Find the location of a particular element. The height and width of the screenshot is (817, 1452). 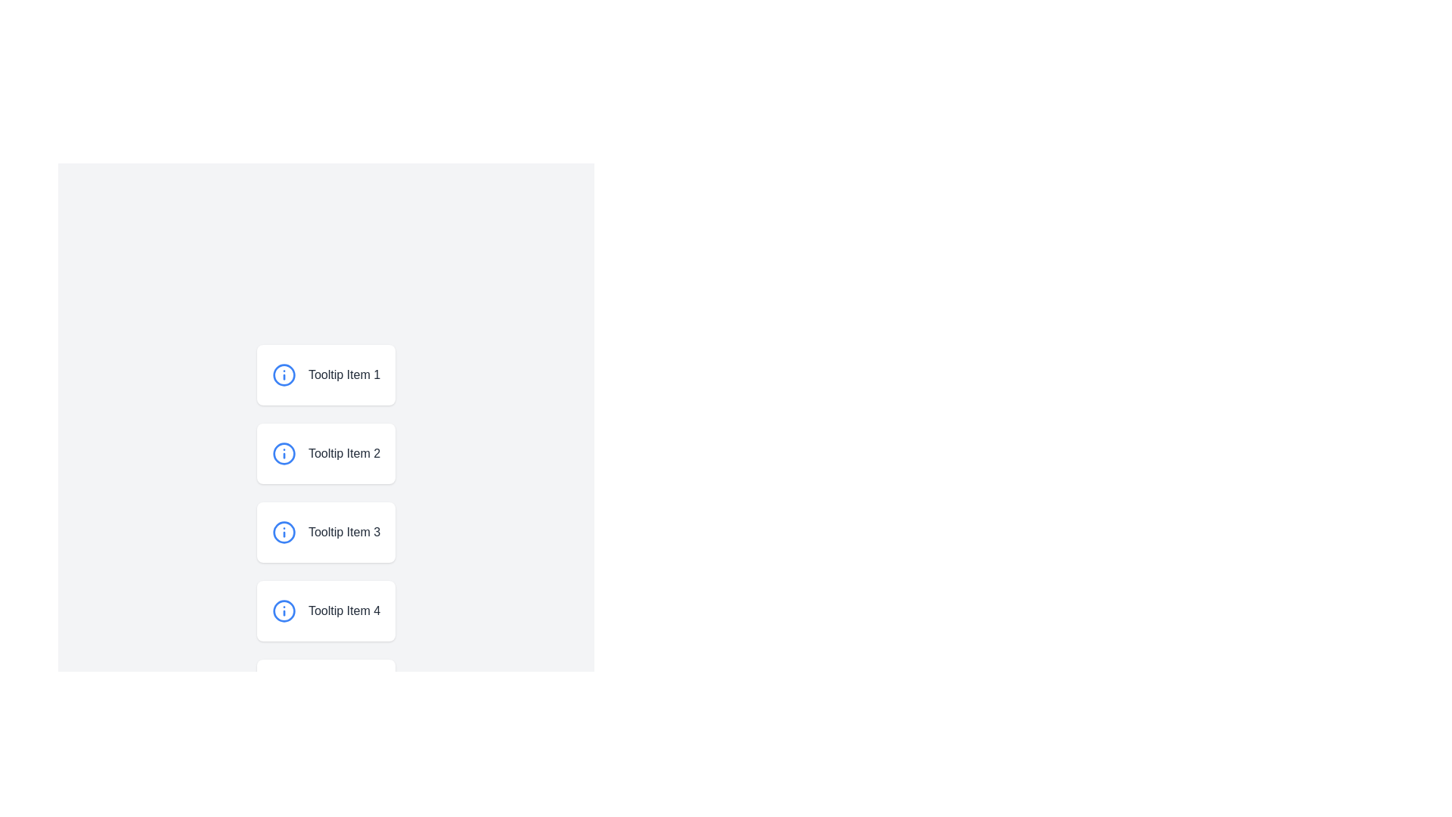

text label displaying 'Tooltip Item 4', which is styled with a slightly bold font and gray color, positioned as the fourth item in a list next to a blue circular icon is located at coordinates (337, 610).